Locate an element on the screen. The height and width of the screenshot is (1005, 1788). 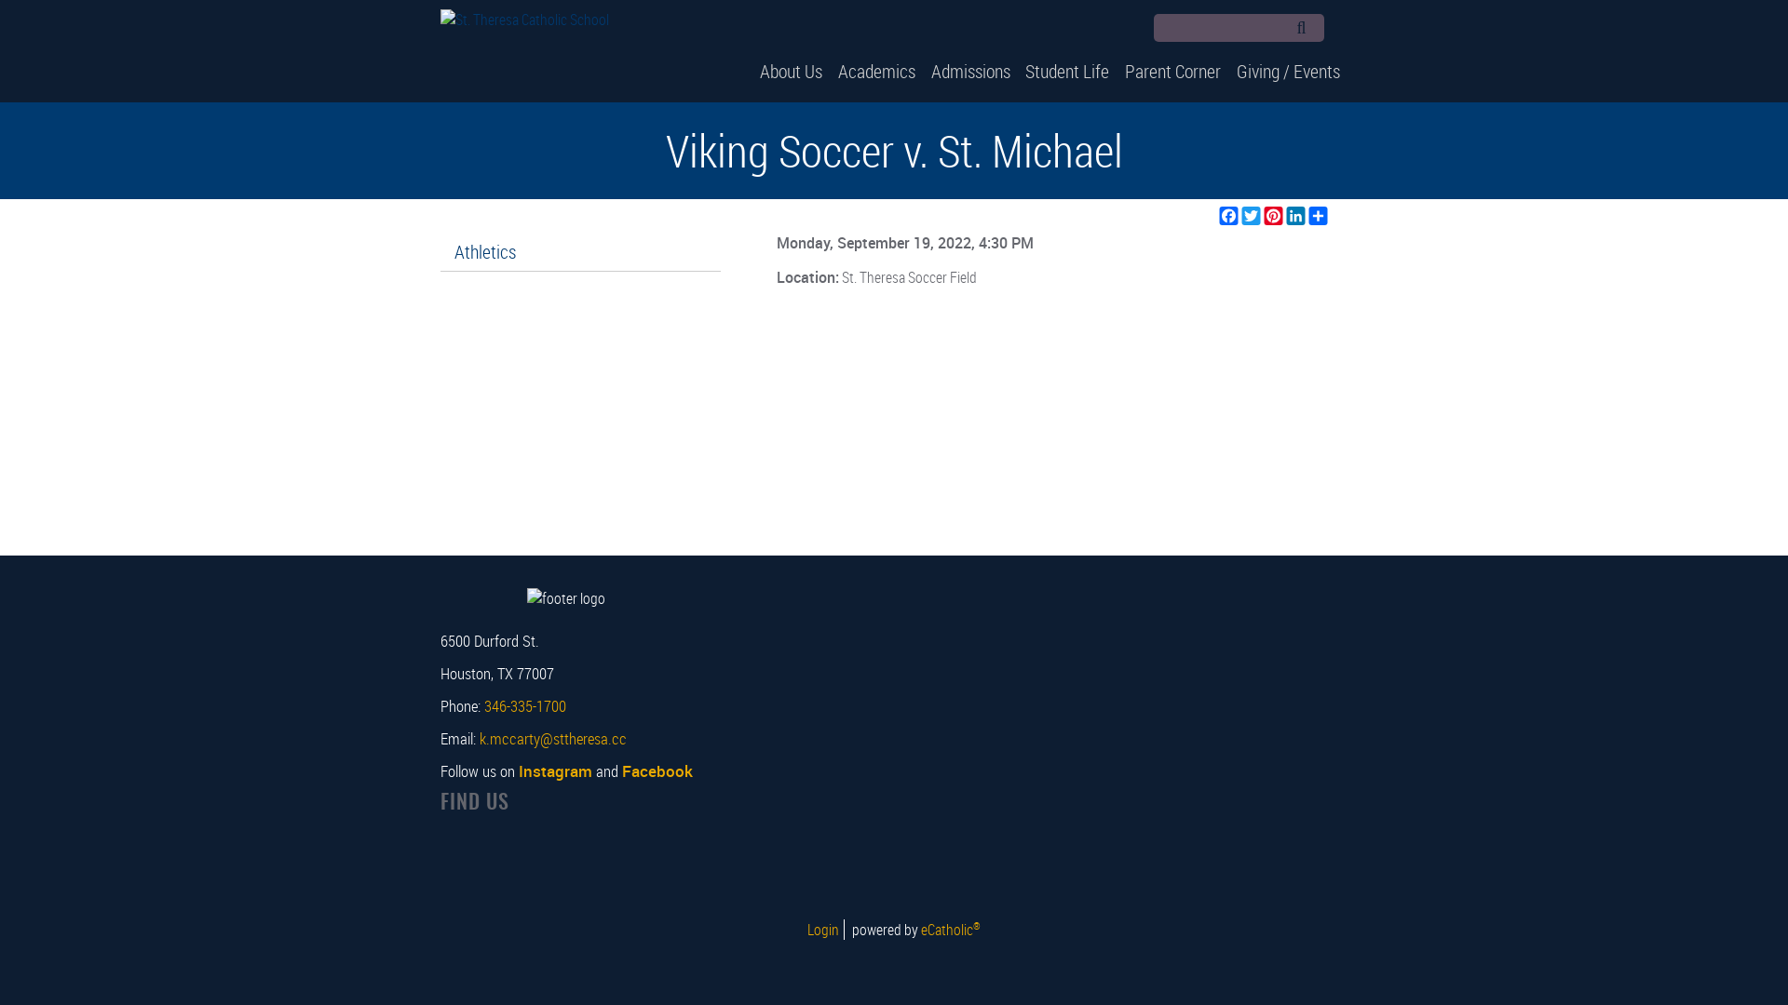
'Twitter' is located at coordinates (1252, 214).